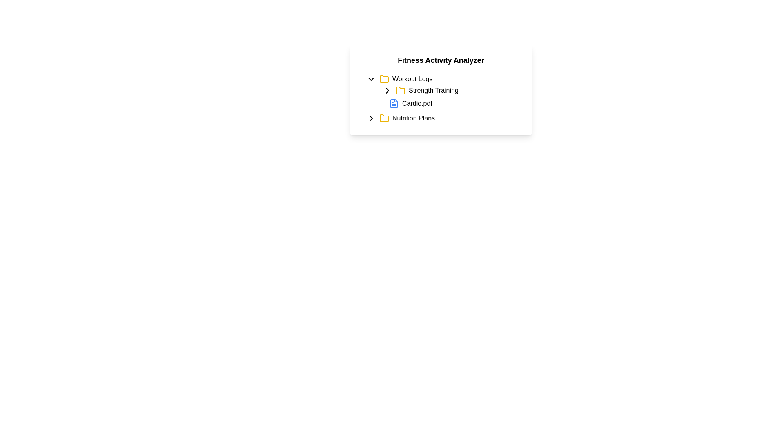 The width and height of the screenshot is (784, 441). What do you see at coordinates (412, 79) in the screenshot?
I see `the Text Label representing a clickable folder or category name under the header 'Fitness Activity Analyzer', located at the upper-left section of a grouped list` at bounding box center [412, 79].